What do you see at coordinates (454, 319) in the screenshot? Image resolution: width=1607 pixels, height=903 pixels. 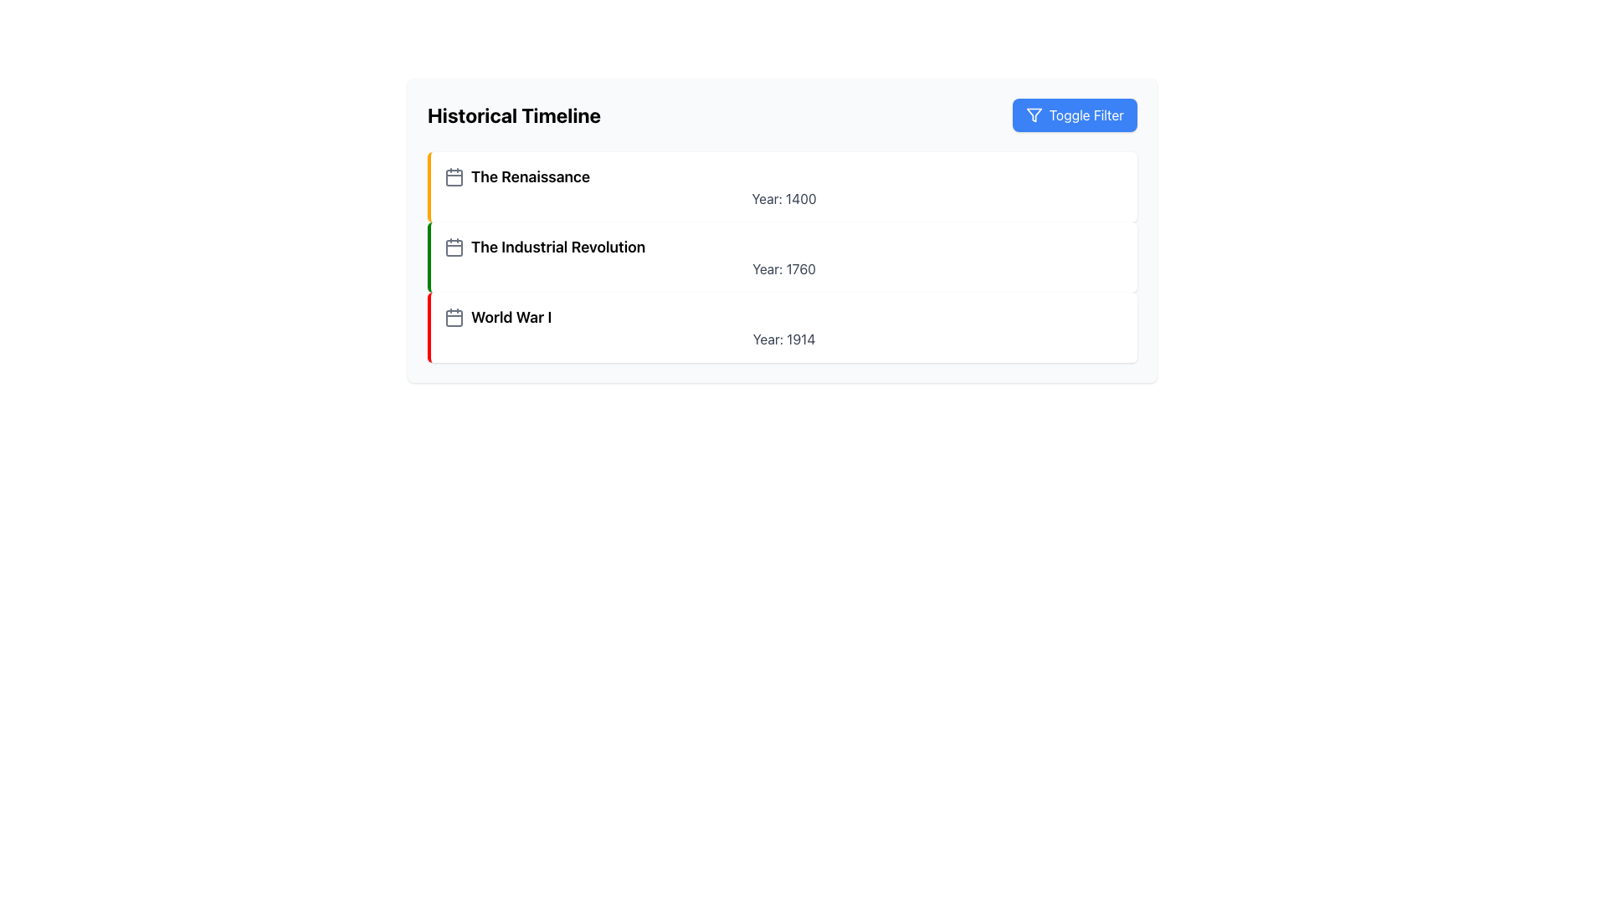 I see `the decorative calendar icon representing the date associated with 'World War I' in the timeline, which is the third icon from the top` at bounding box center [454, 319].